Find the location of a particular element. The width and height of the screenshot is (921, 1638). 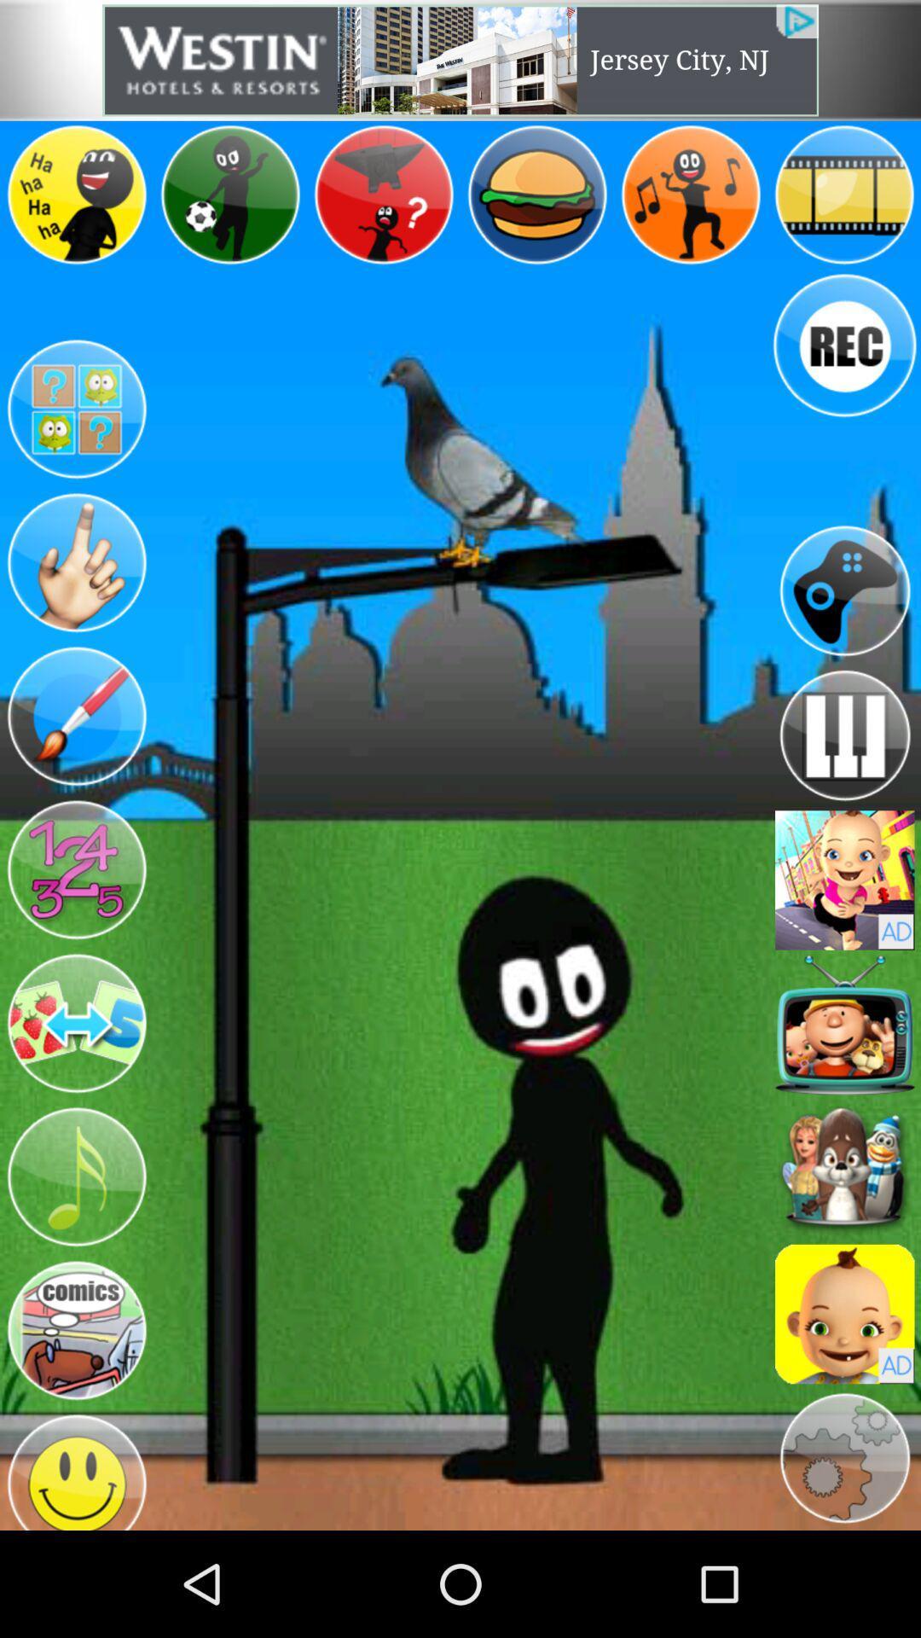

switch to paint option is located at coordinates (75, 717).